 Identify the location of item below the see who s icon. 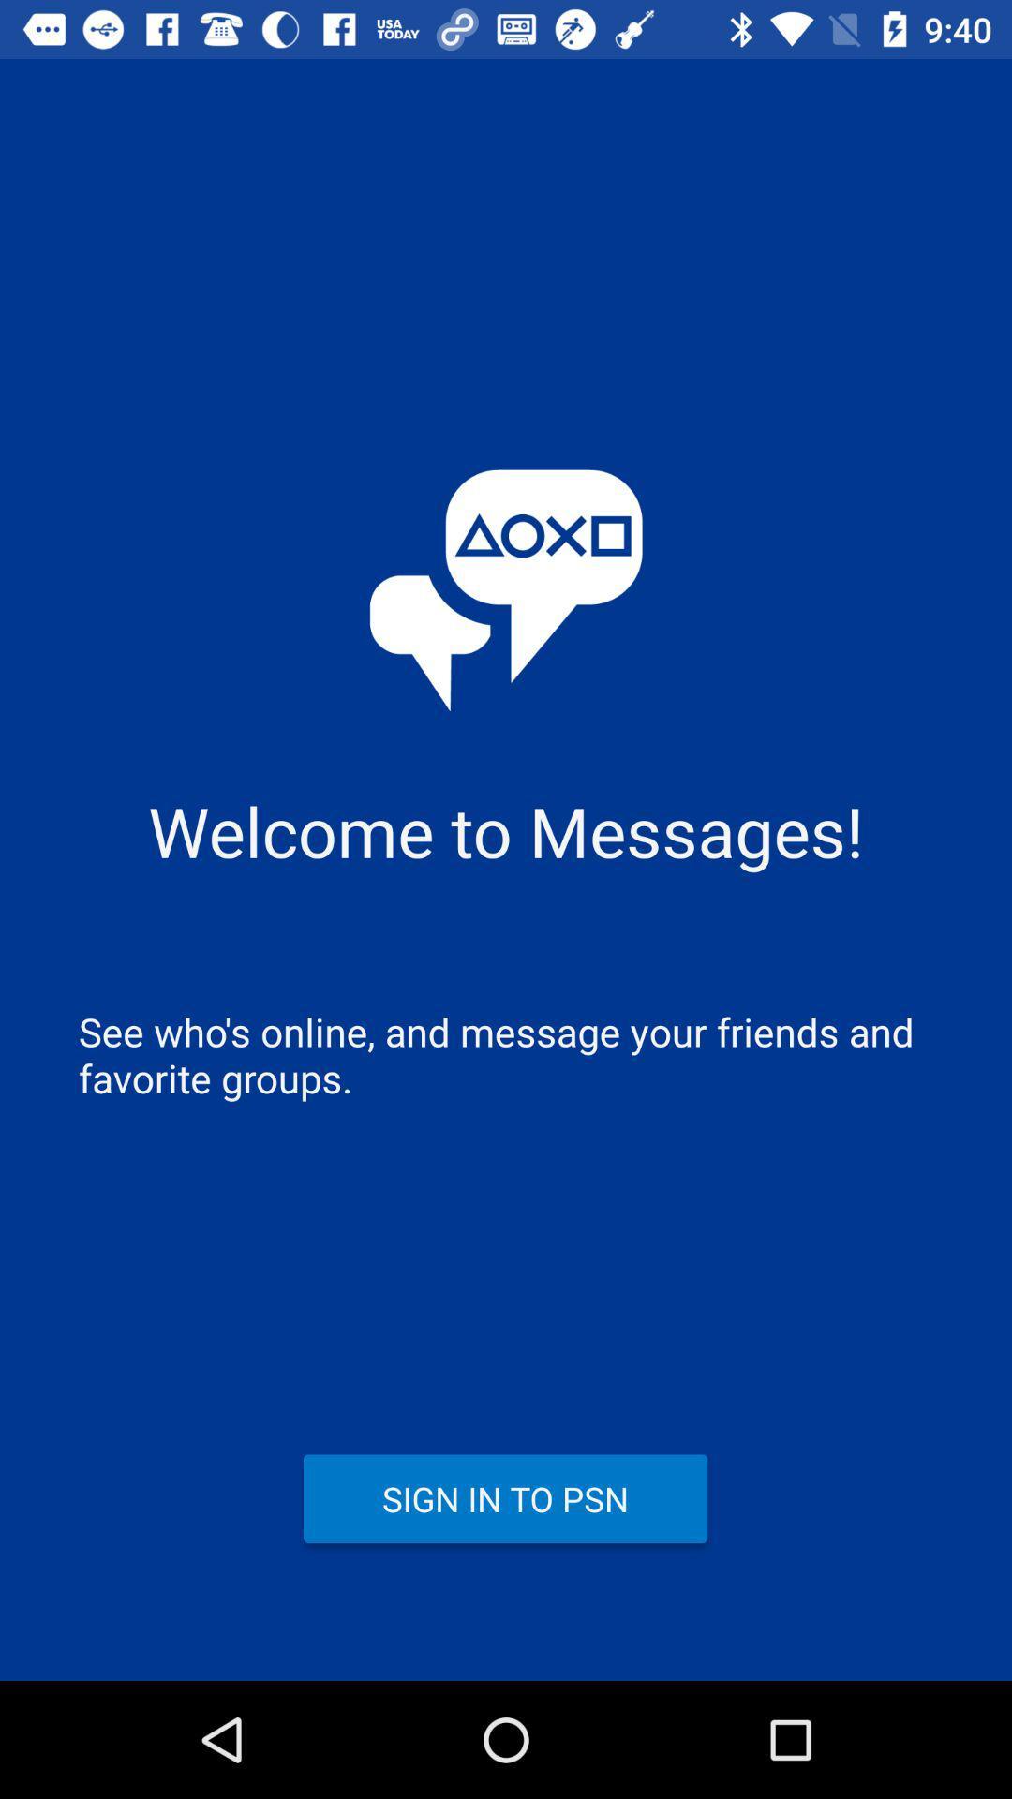
(504, 1497).